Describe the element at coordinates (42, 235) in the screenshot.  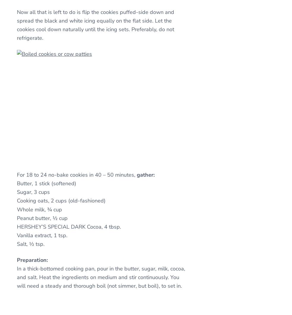
I see `'Vanilla extract, 1 tsp.'` at that location.